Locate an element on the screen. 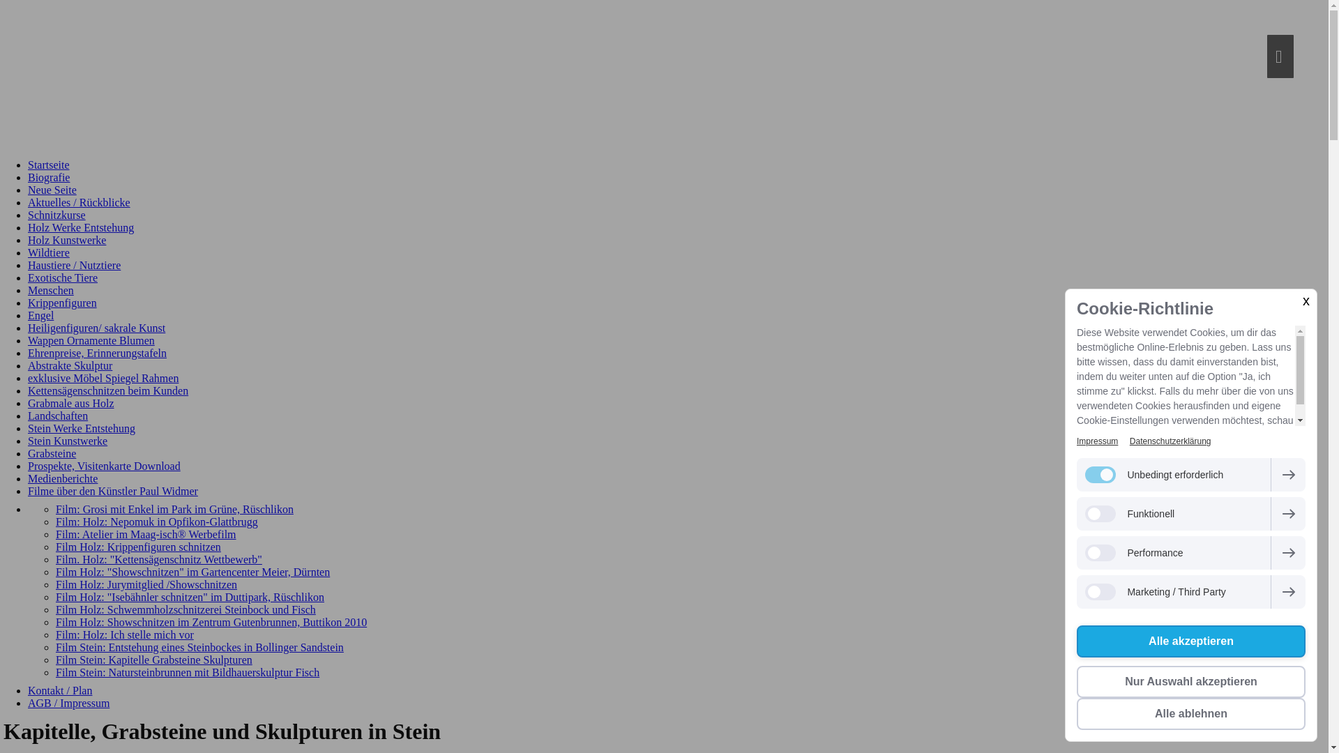  'Stein Kunstwerke' is located at coordinates (66, 441).